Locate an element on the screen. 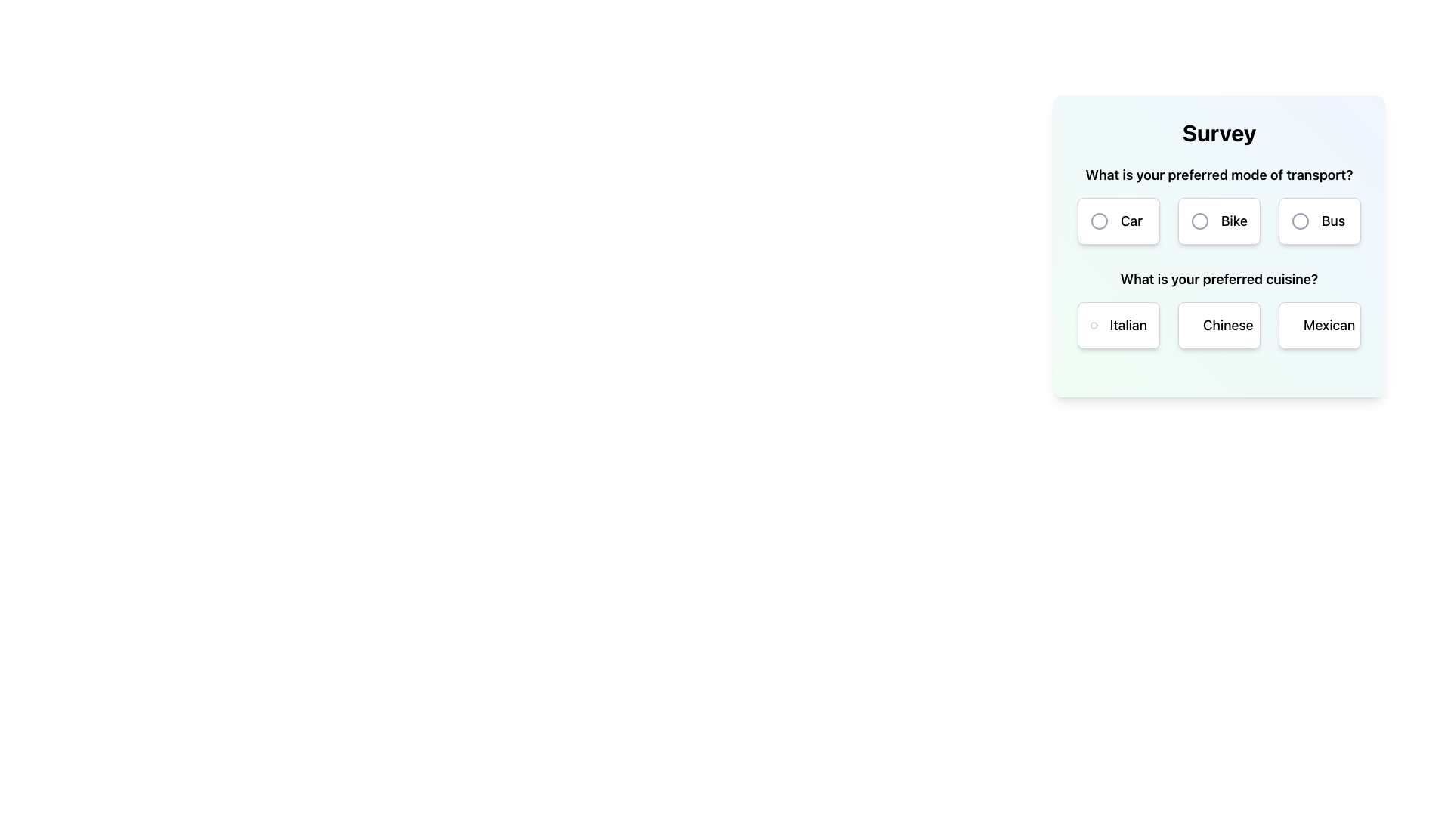 The width and height of the screenshot is (1451, 816). the 'Italian' label, which is the text for the radio button option in the second row of the cuisine selection grid is located at coordinates (1128, 325).